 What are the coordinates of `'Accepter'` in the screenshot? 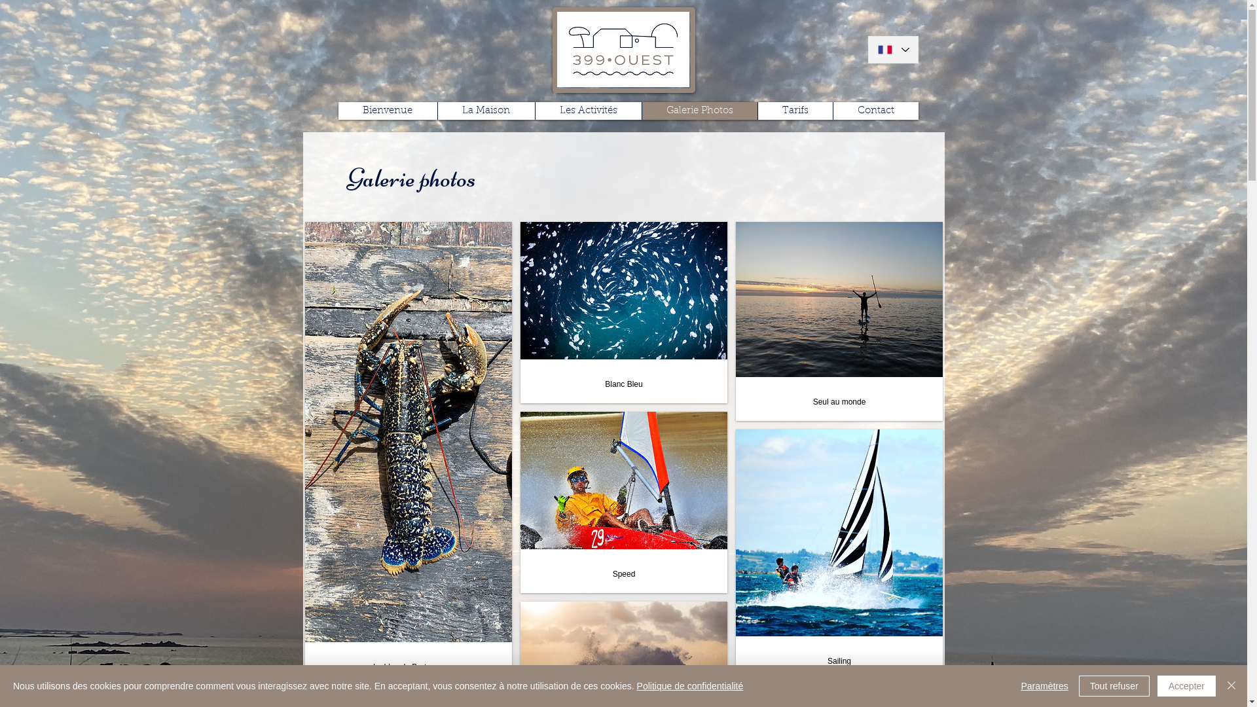 It's located at (1186, 685).